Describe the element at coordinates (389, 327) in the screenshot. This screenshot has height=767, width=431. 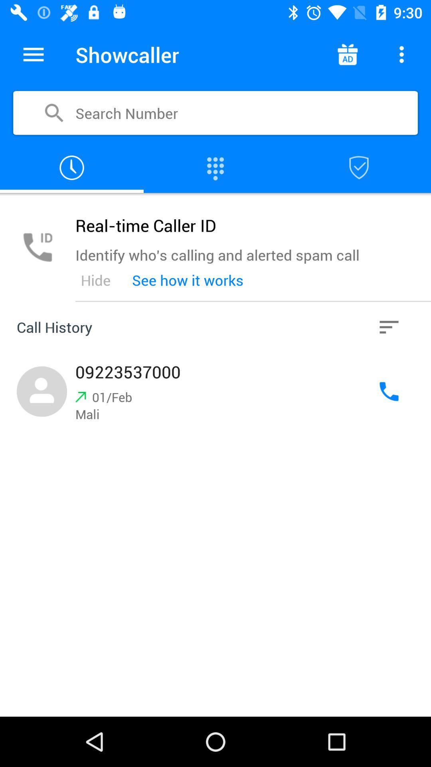
I see `the icon to the right of see how it icon` at that location.